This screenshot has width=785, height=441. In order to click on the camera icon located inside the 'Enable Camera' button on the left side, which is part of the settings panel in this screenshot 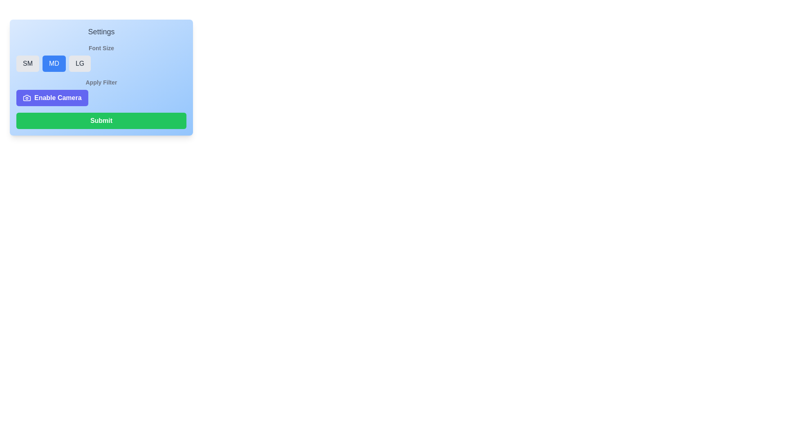, I will do `click(27, 97)`.